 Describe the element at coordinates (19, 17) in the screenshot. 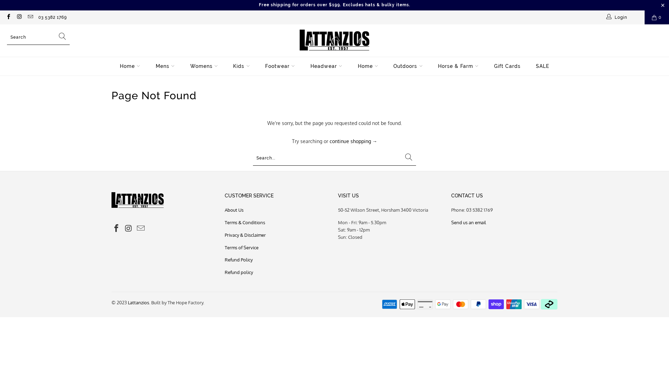

I see `'Lattanzios on Instagram'` at that location.